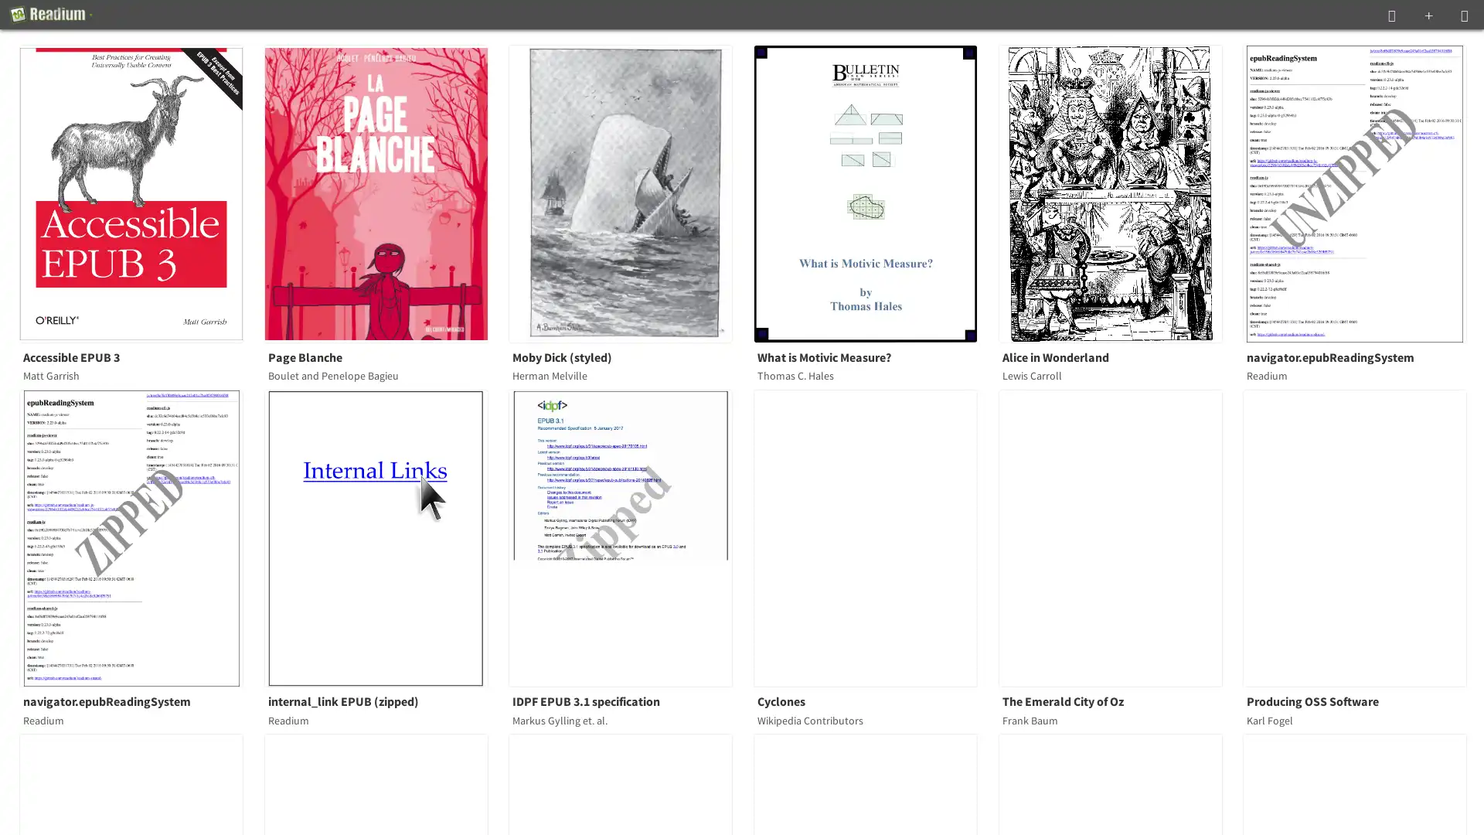  I want to click on (5) Alice in Wonderland, so click(1119, 193).